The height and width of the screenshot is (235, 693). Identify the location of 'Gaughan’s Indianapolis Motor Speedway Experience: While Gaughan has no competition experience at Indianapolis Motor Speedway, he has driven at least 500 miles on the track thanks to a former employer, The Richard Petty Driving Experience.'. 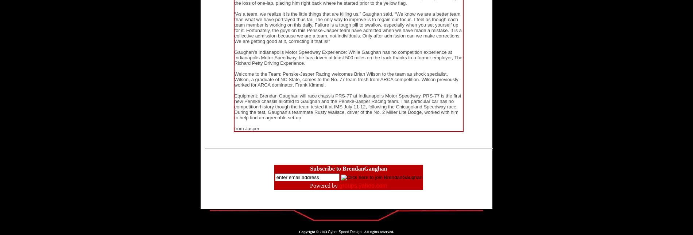
(348, 57).